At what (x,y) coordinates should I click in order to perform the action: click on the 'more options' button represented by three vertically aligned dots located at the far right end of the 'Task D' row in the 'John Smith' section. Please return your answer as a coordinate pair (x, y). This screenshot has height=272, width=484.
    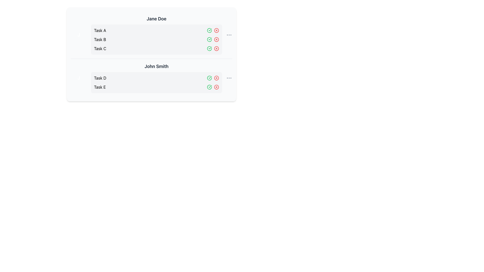
    Looking at the image, I should click on (229, 78).